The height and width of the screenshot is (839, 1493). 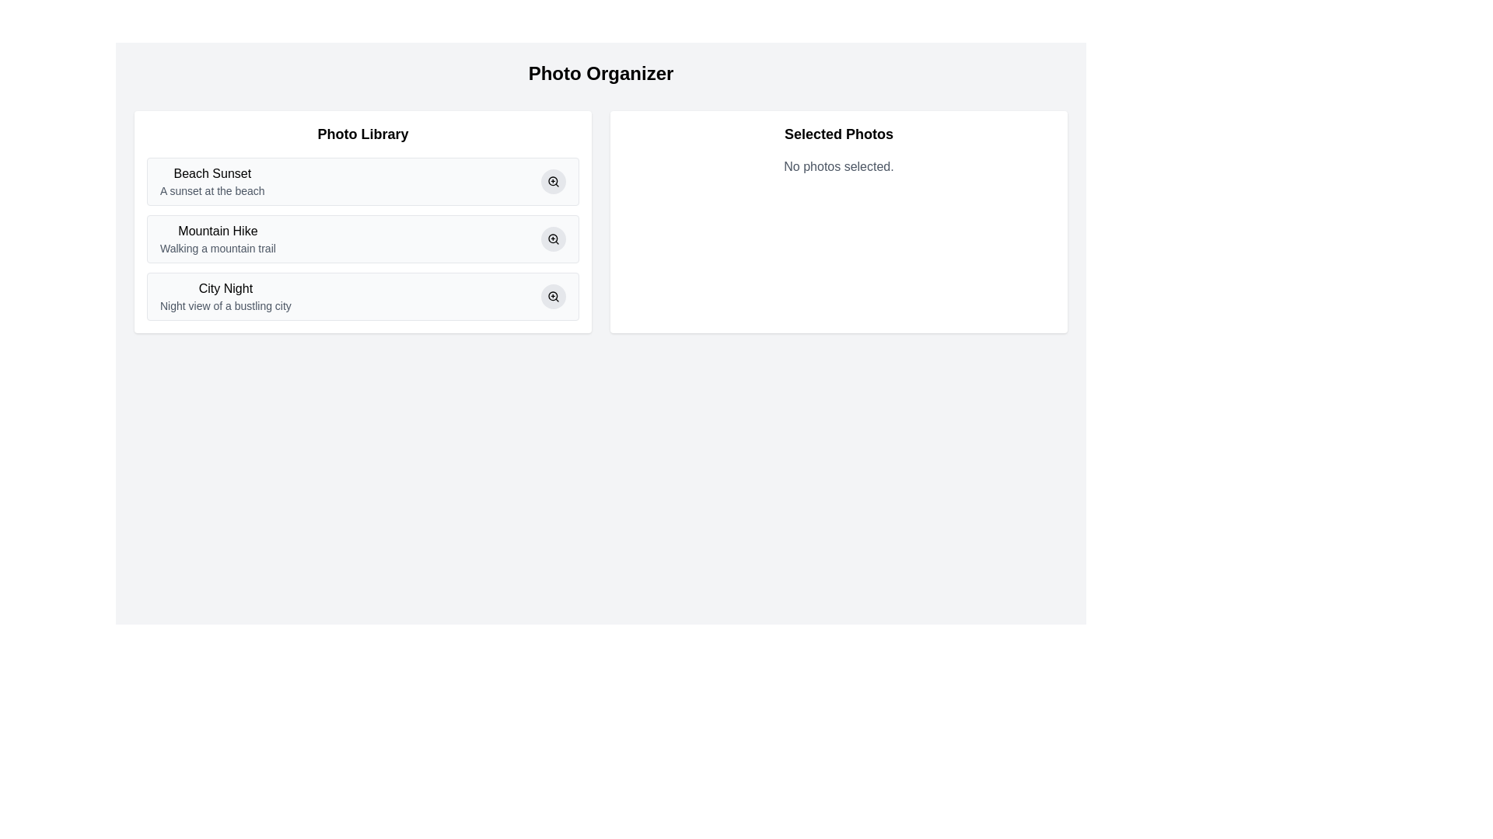 I want to click on the circular button with a light gray background and a black magnifying glass icon, so click(x=553, y=239).